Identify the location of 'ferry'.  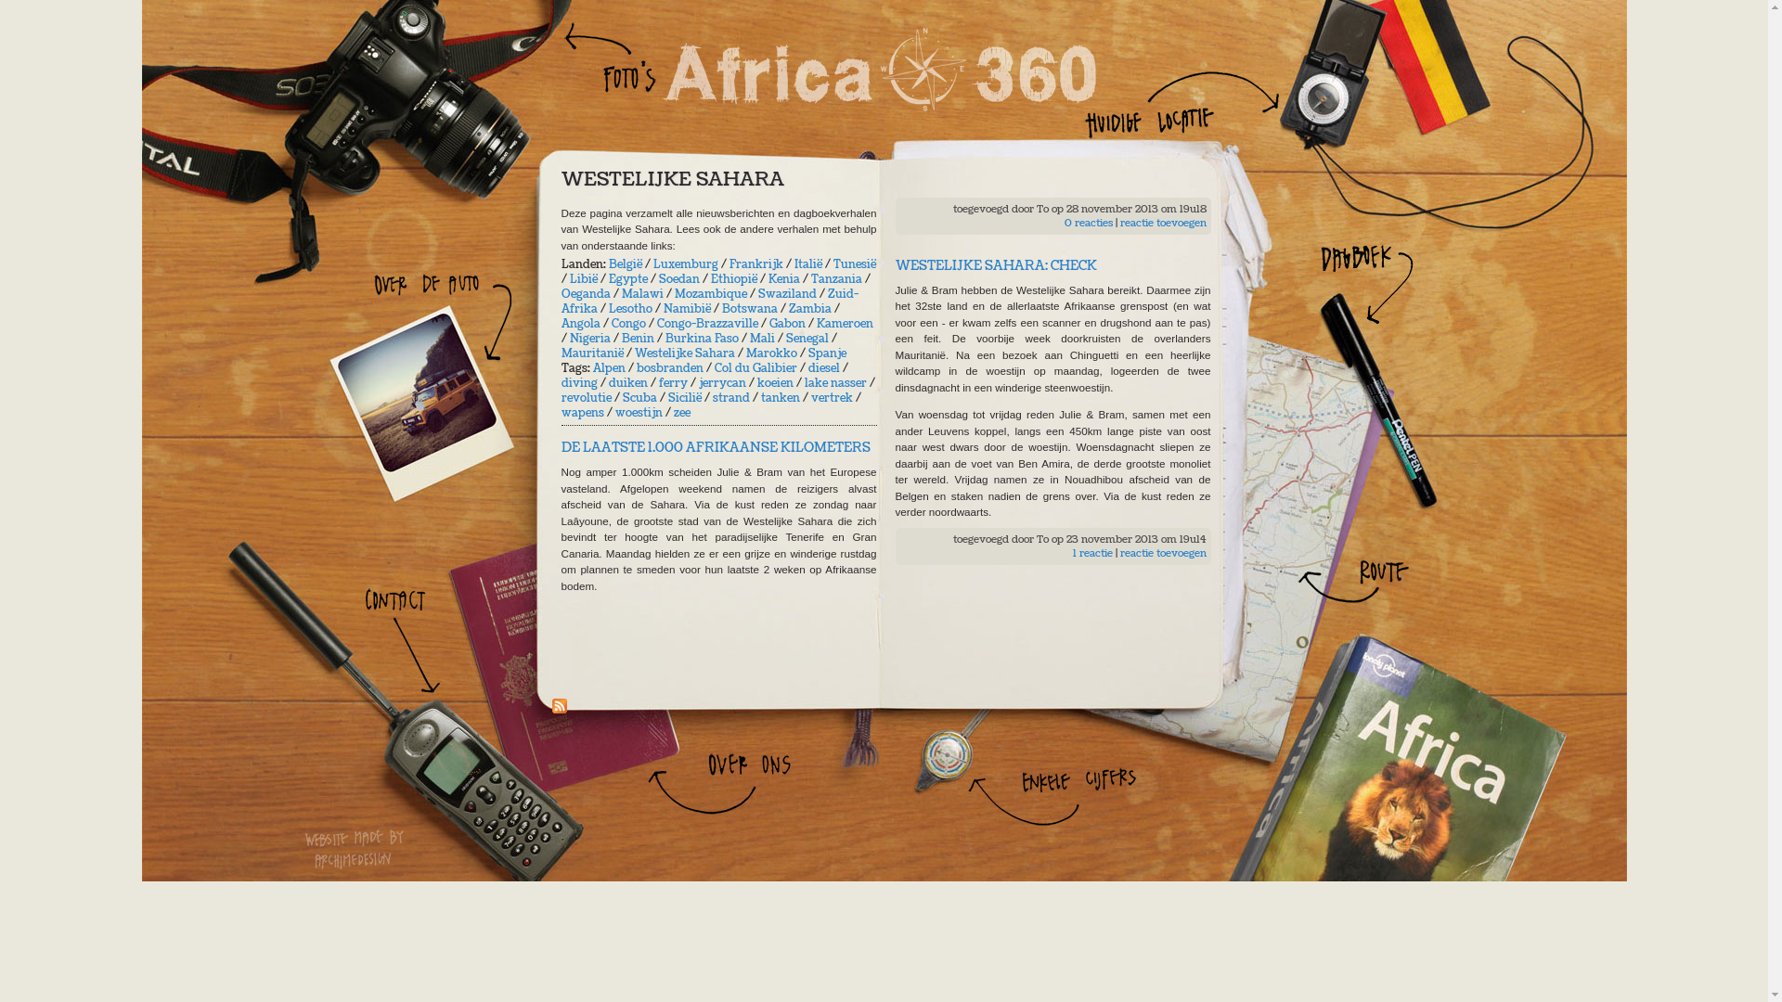
(672, 381).